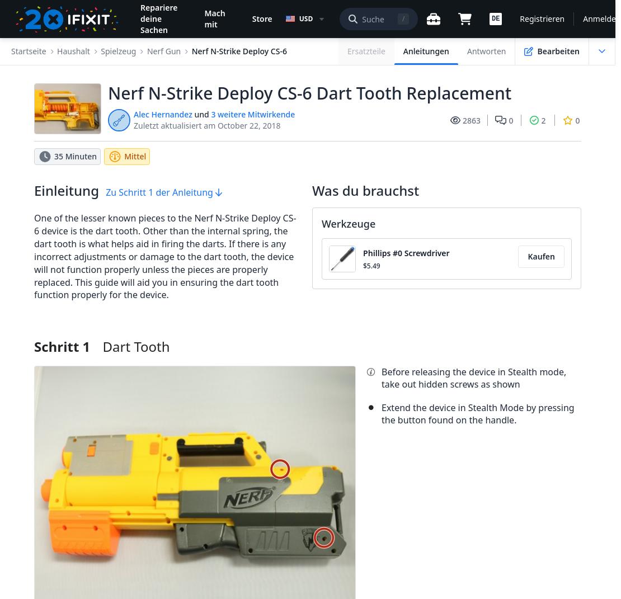  What do you see at coordinates (44, 86) in the screenshot?
I see `'2 Personen haben diese Anleitung schon erfolgreich absolviert. Du auch?'` at bounding box center [44, 86].